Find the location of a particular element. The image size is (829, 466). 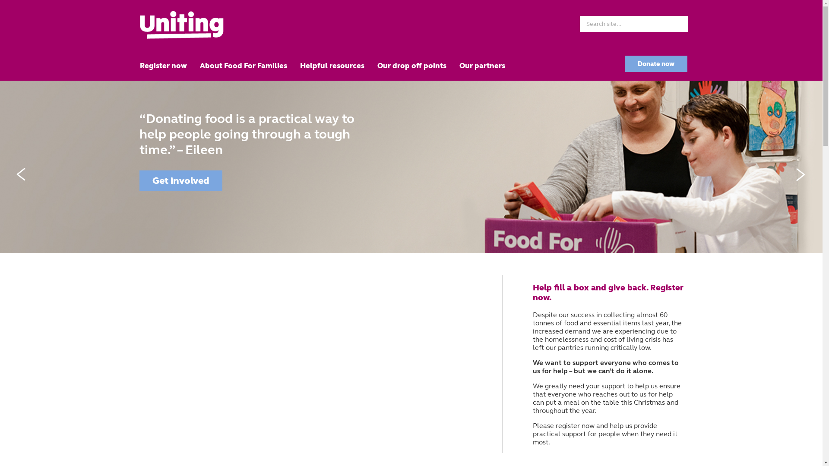

'Search site...' is located at coordinates (633, 23).